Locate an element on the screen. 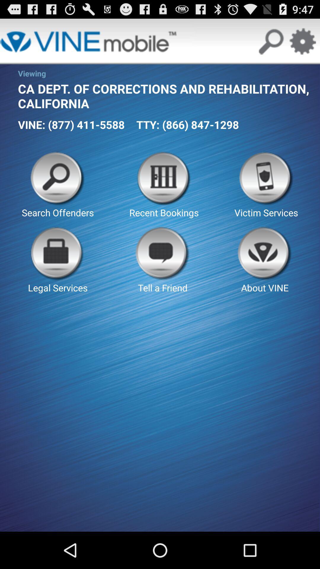  the about vine is located at coordinates (265, 260).